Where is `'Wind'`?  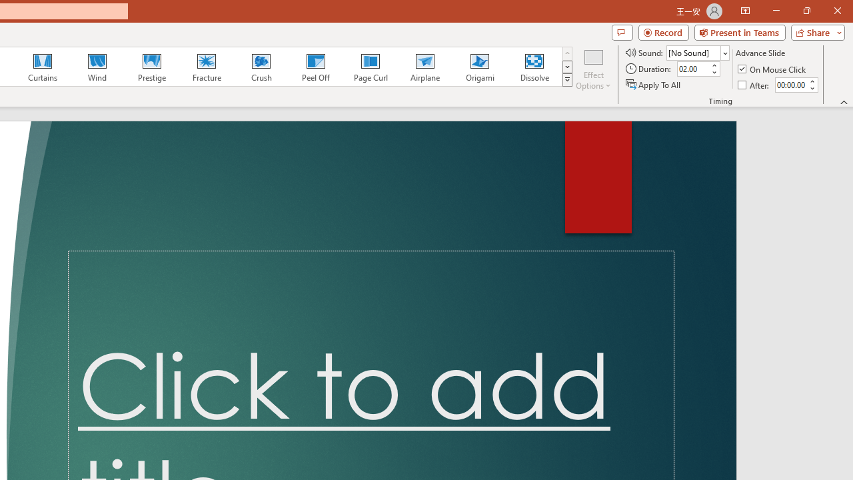 'Wind' is located at coordinates (96, 67).